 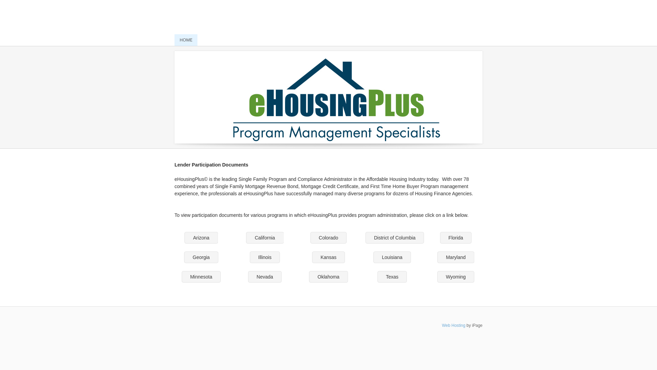 What do you see at coordinates (186, 40) in the screenshot?
I see `'HOME'` at bounding box center [186, 40].